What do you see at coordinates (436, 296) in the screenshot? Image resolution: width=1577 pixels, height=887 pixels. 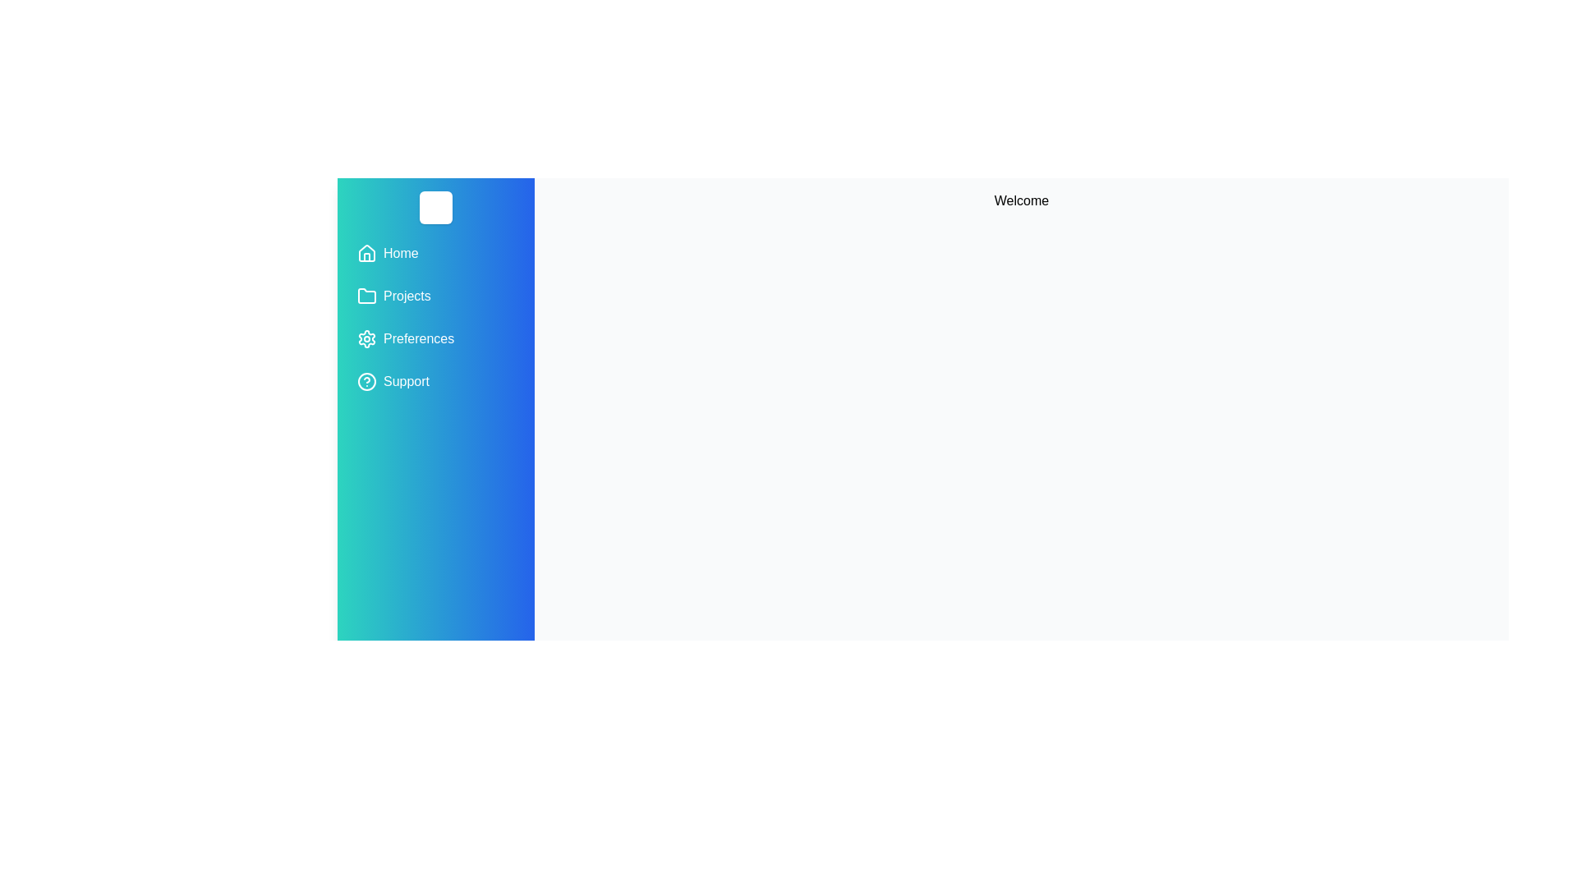 I see `the menu item Projects from the drawer` at bounding box center [436, 296].